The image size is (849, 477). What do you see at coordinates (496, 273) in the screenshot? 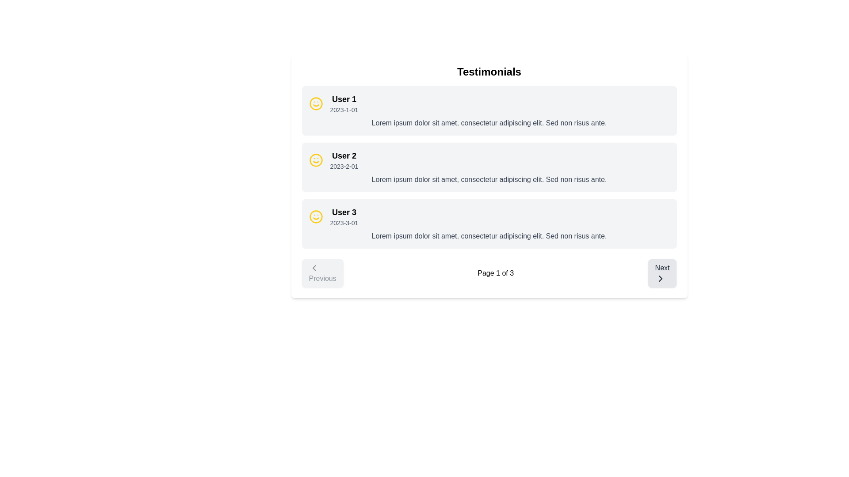
I see `the text label displaying 'Page 1 of 3' located centrally in the pagination control at the bottom of the UI, positioned between the 'Previous' button on the left and the 'Next' button on the right` at bounding box center [496, 273].